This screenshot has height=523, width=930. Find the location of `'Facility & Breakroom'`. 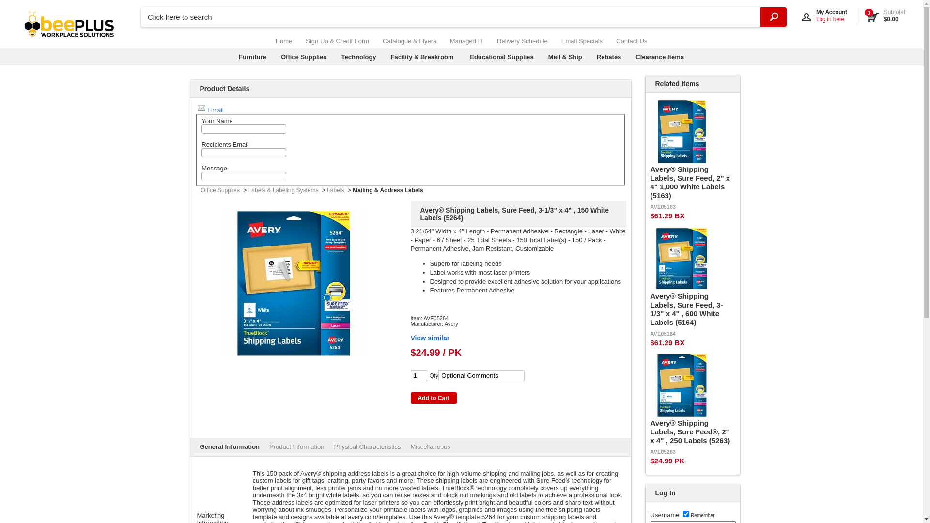

'Facility & Breakroom' is located at coordinates (383, 57).